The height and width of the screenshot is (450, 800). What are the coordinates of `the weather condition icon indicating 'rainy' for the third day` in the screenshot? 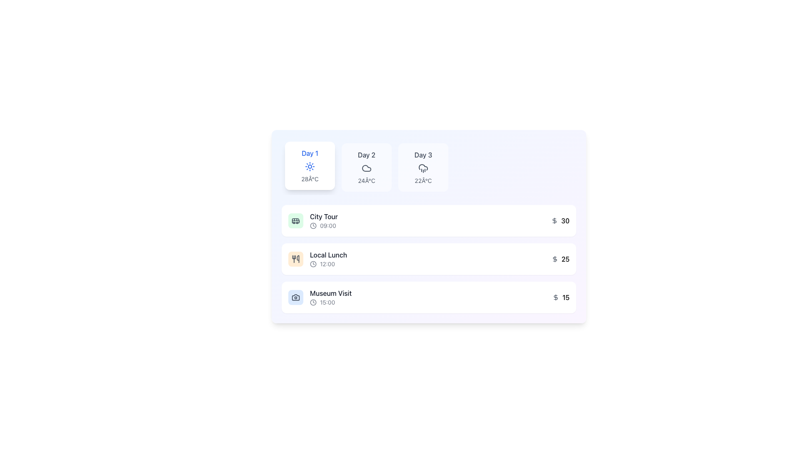 It's located at (423, 168).